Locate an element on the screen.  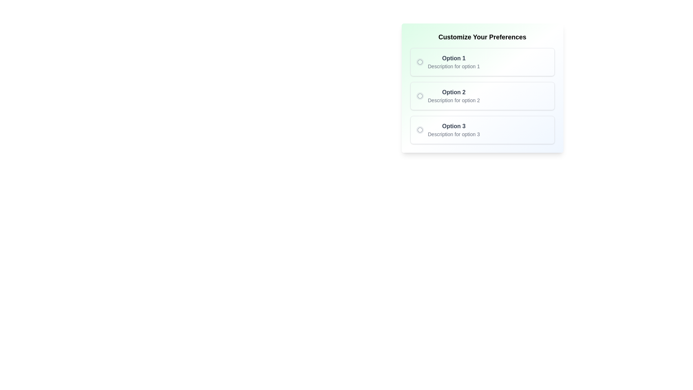
the text area containing the title and description for the first selectable option in the preference selection interface is located at coordinates (453, 62).